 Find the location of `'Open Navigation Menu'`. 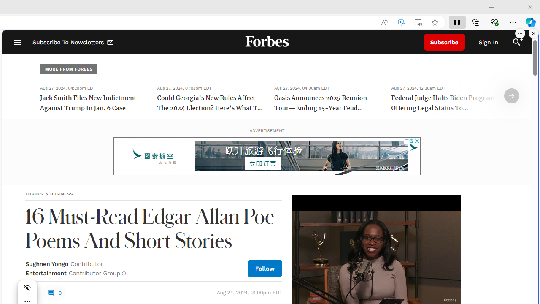

'Open Navigation Menu' is located at coordinates (17, 42).